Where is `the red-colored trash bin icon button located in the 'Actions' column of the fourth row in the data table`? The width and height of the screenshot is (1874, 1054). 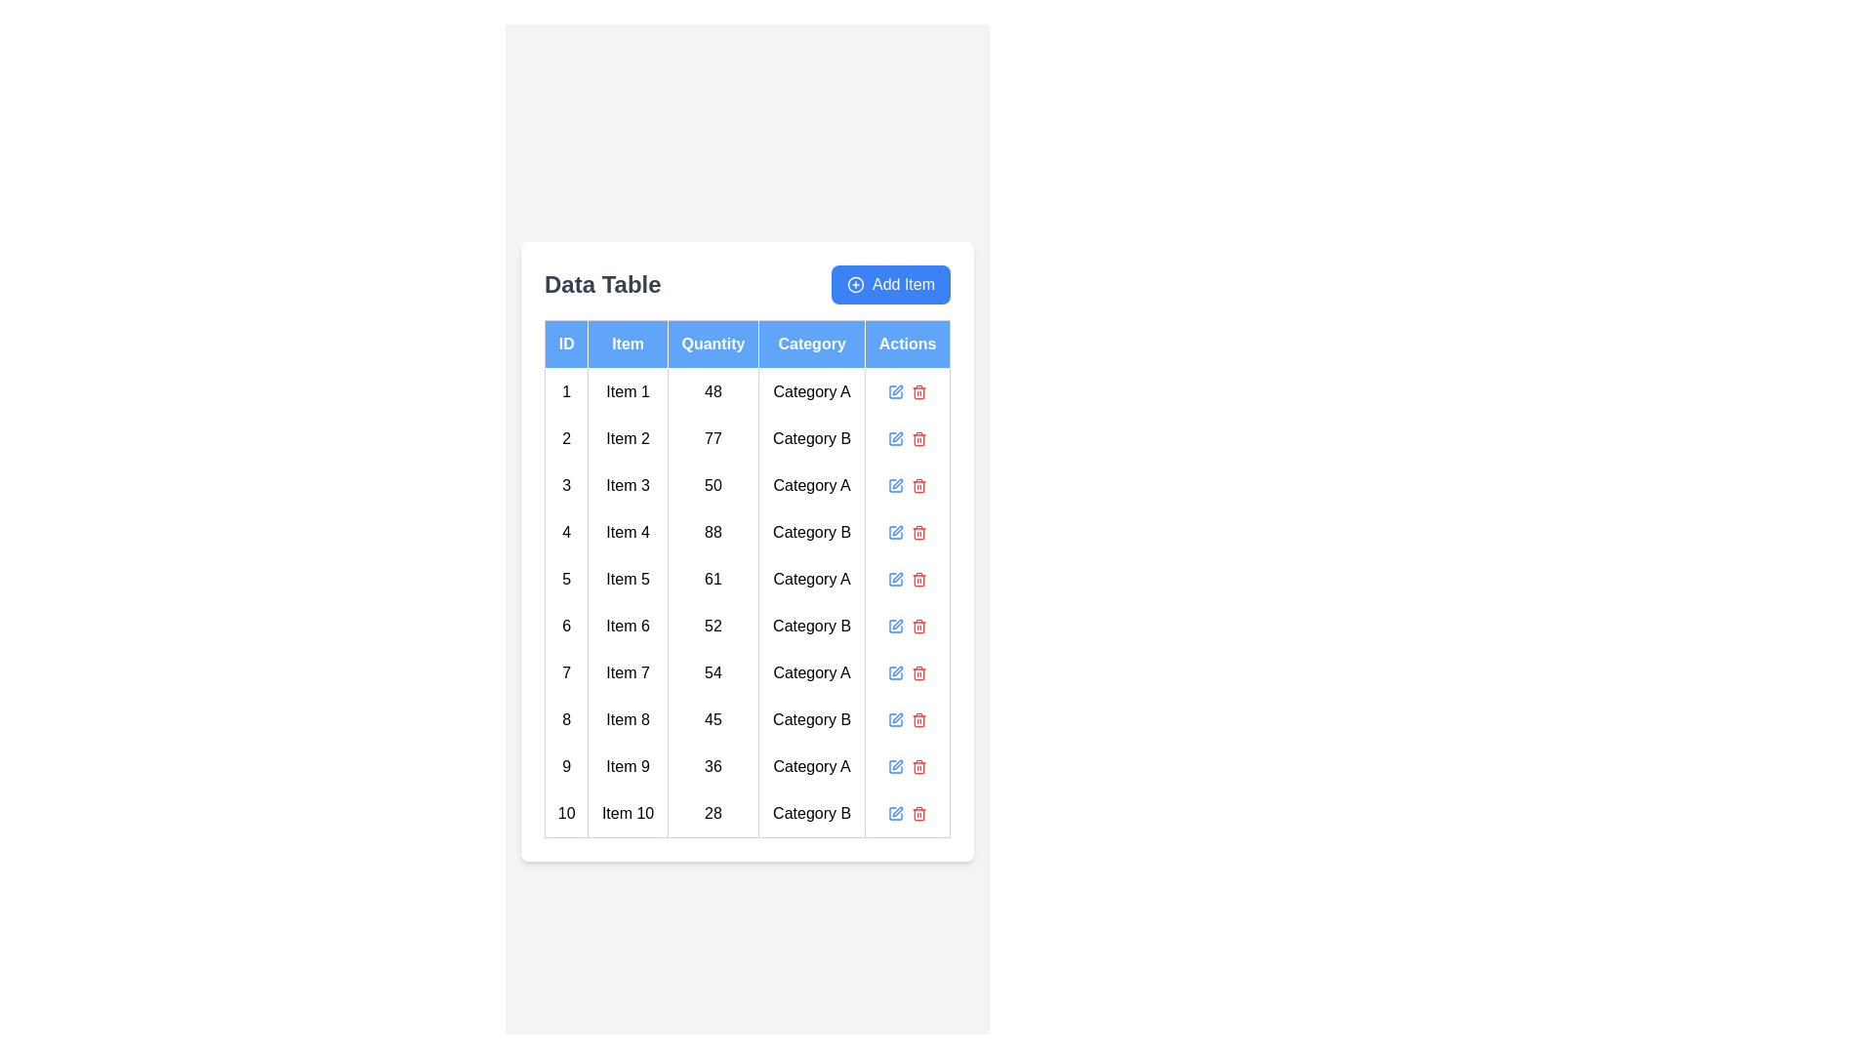
the red-colored trash bin icon button located in the 'Actions' column of the fourth row in the data table is located at coordinates (918, 532).